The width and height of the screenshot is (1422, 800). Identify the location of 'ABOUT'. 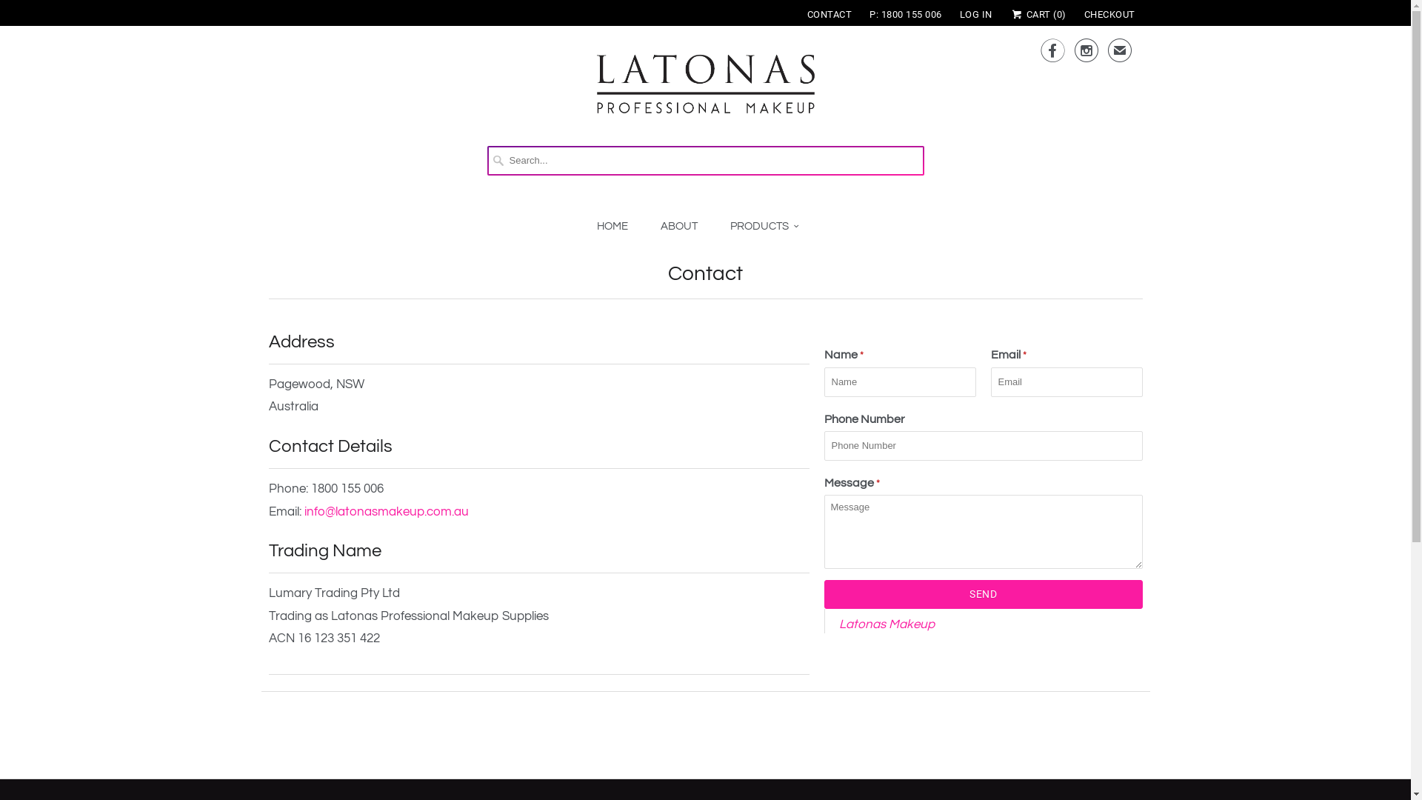
(678, 226).